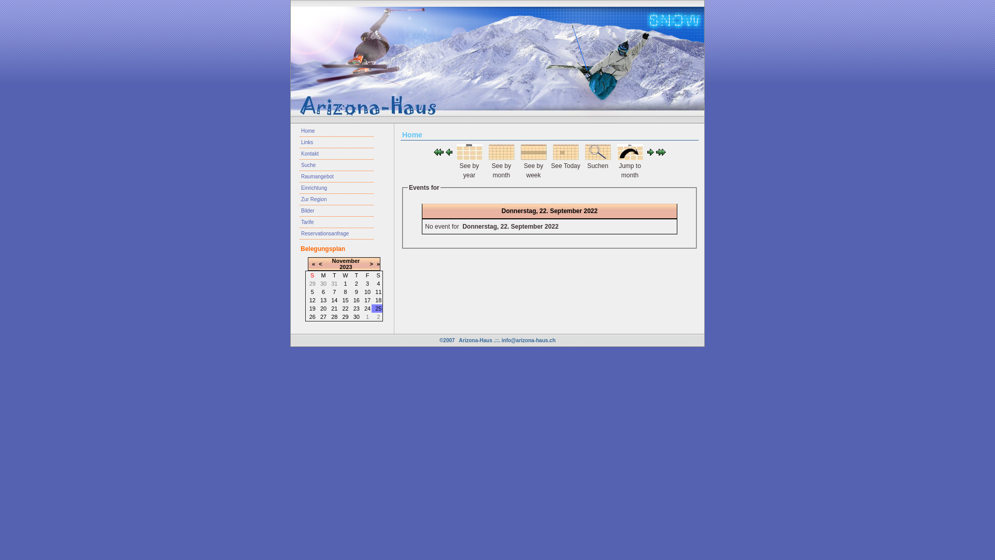  I want to click on '18', so click(377, 300).